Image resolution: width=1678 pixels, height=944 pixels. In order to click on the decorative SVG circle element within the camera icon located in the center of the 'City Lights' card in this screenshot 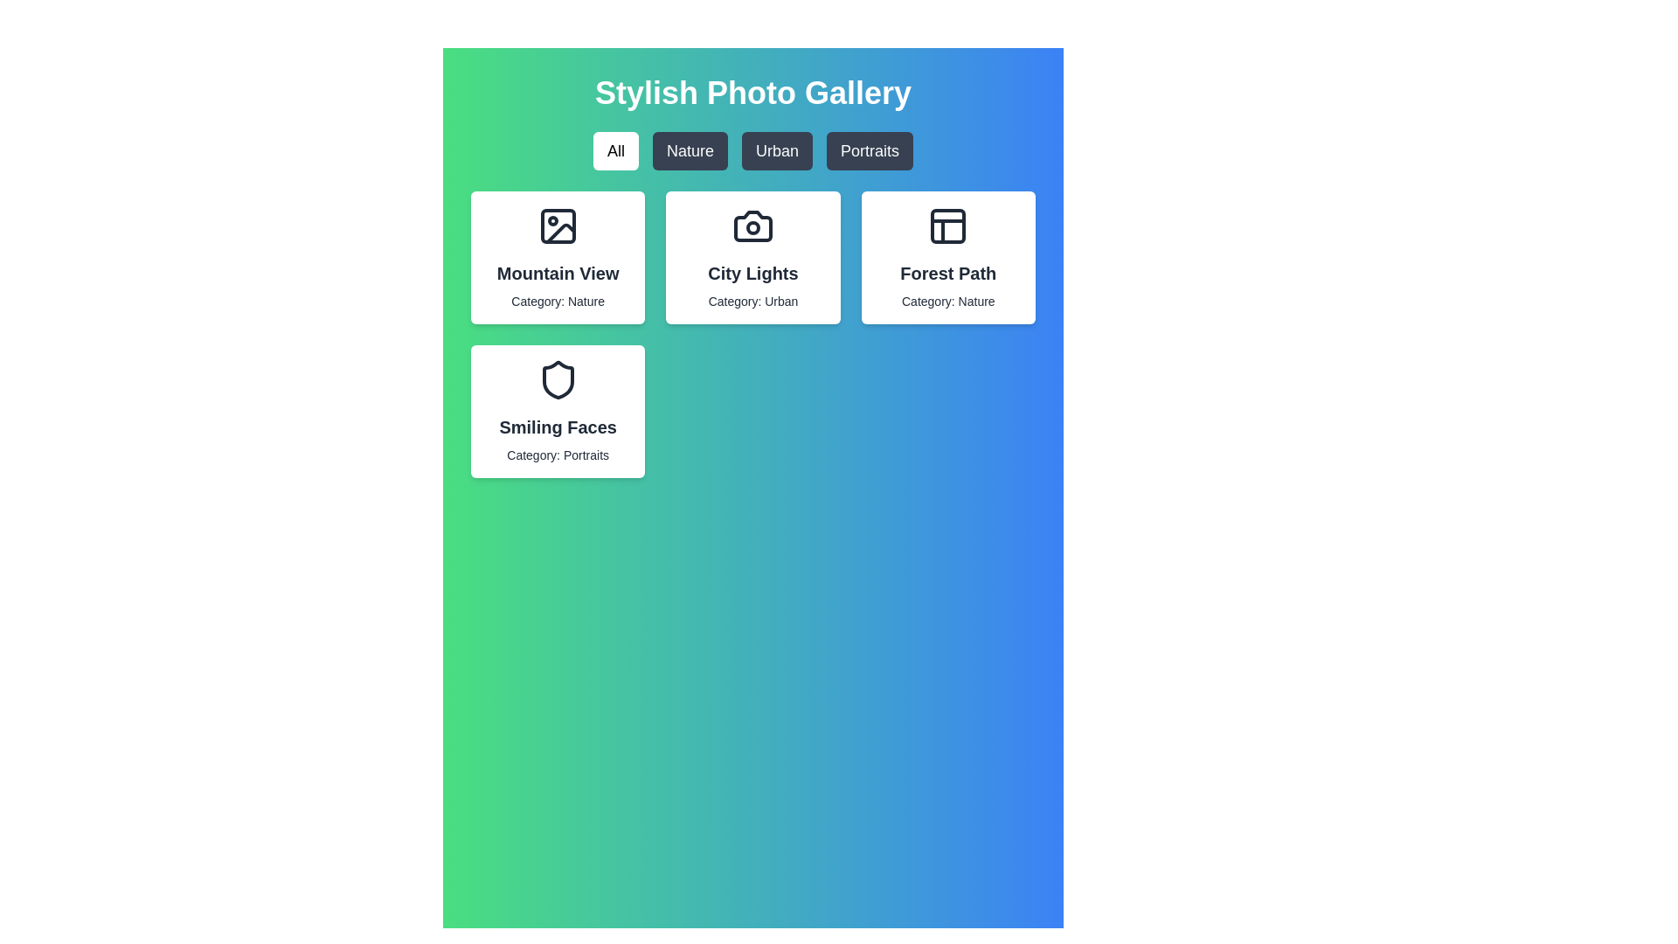, I will do `click(752, 227)`.